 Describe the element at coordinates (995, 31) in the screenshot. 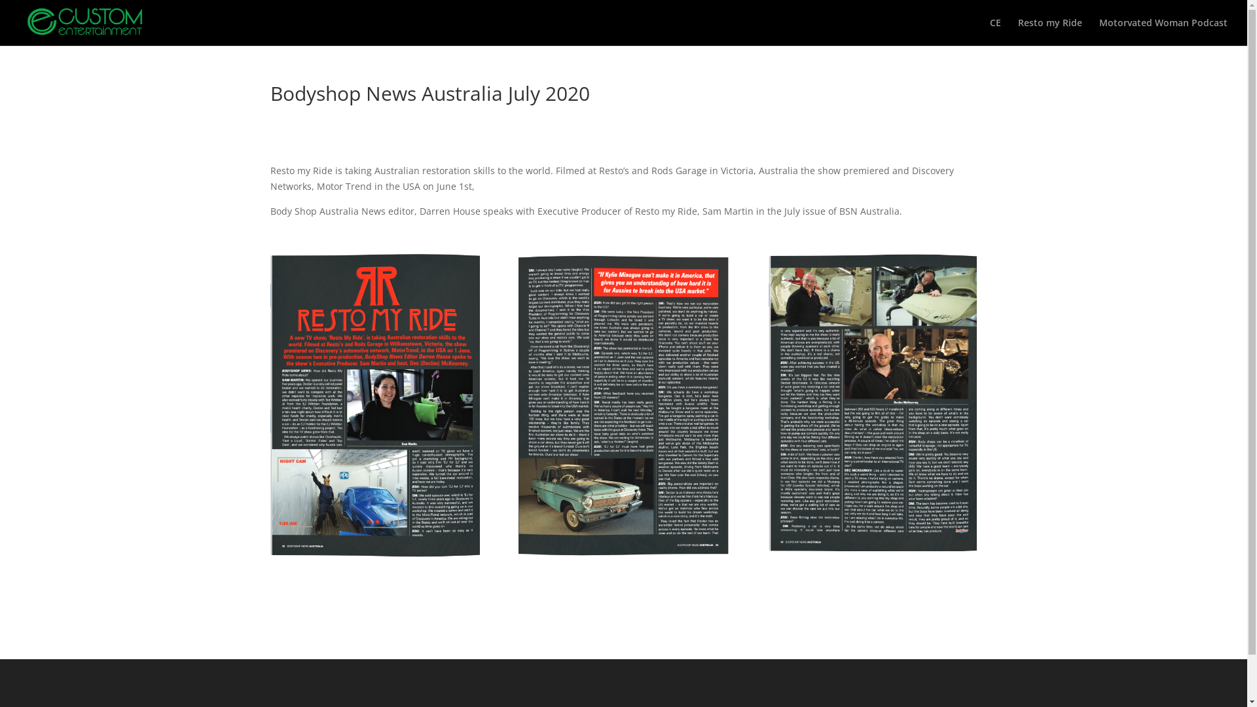

I see `'CE'` at that location.